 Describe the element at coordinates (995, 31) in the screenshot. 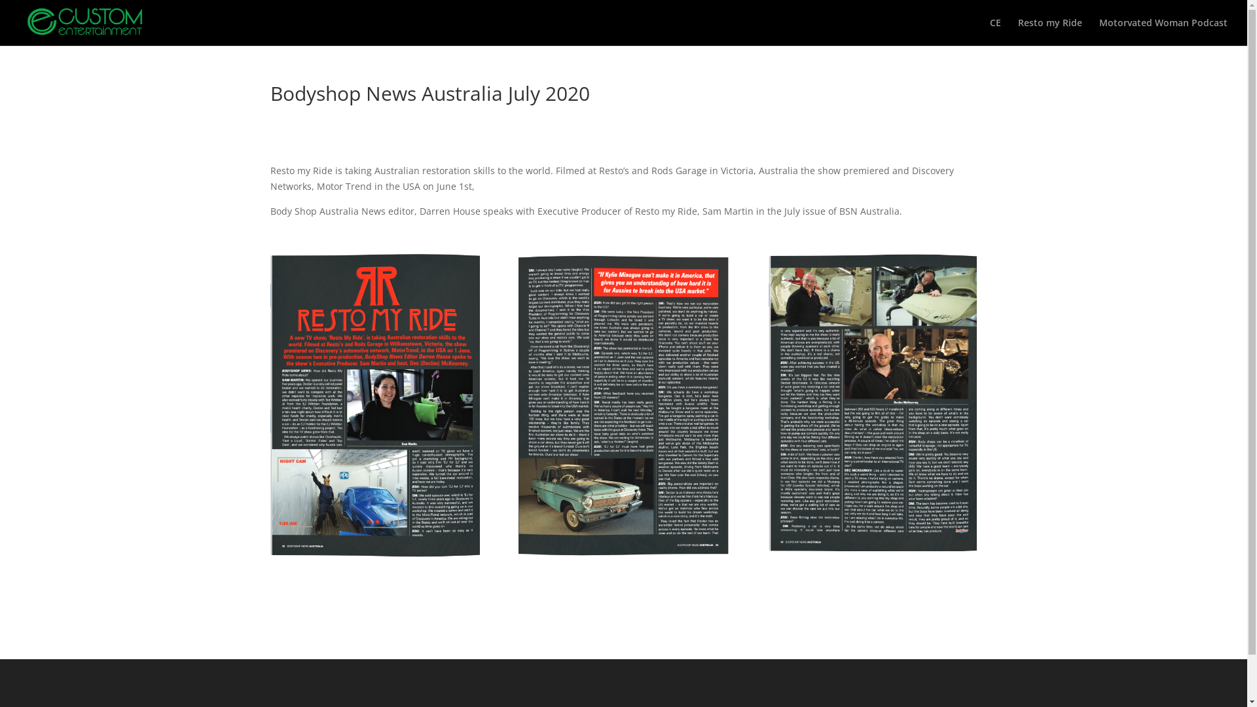

I see `'CE'` at that location.